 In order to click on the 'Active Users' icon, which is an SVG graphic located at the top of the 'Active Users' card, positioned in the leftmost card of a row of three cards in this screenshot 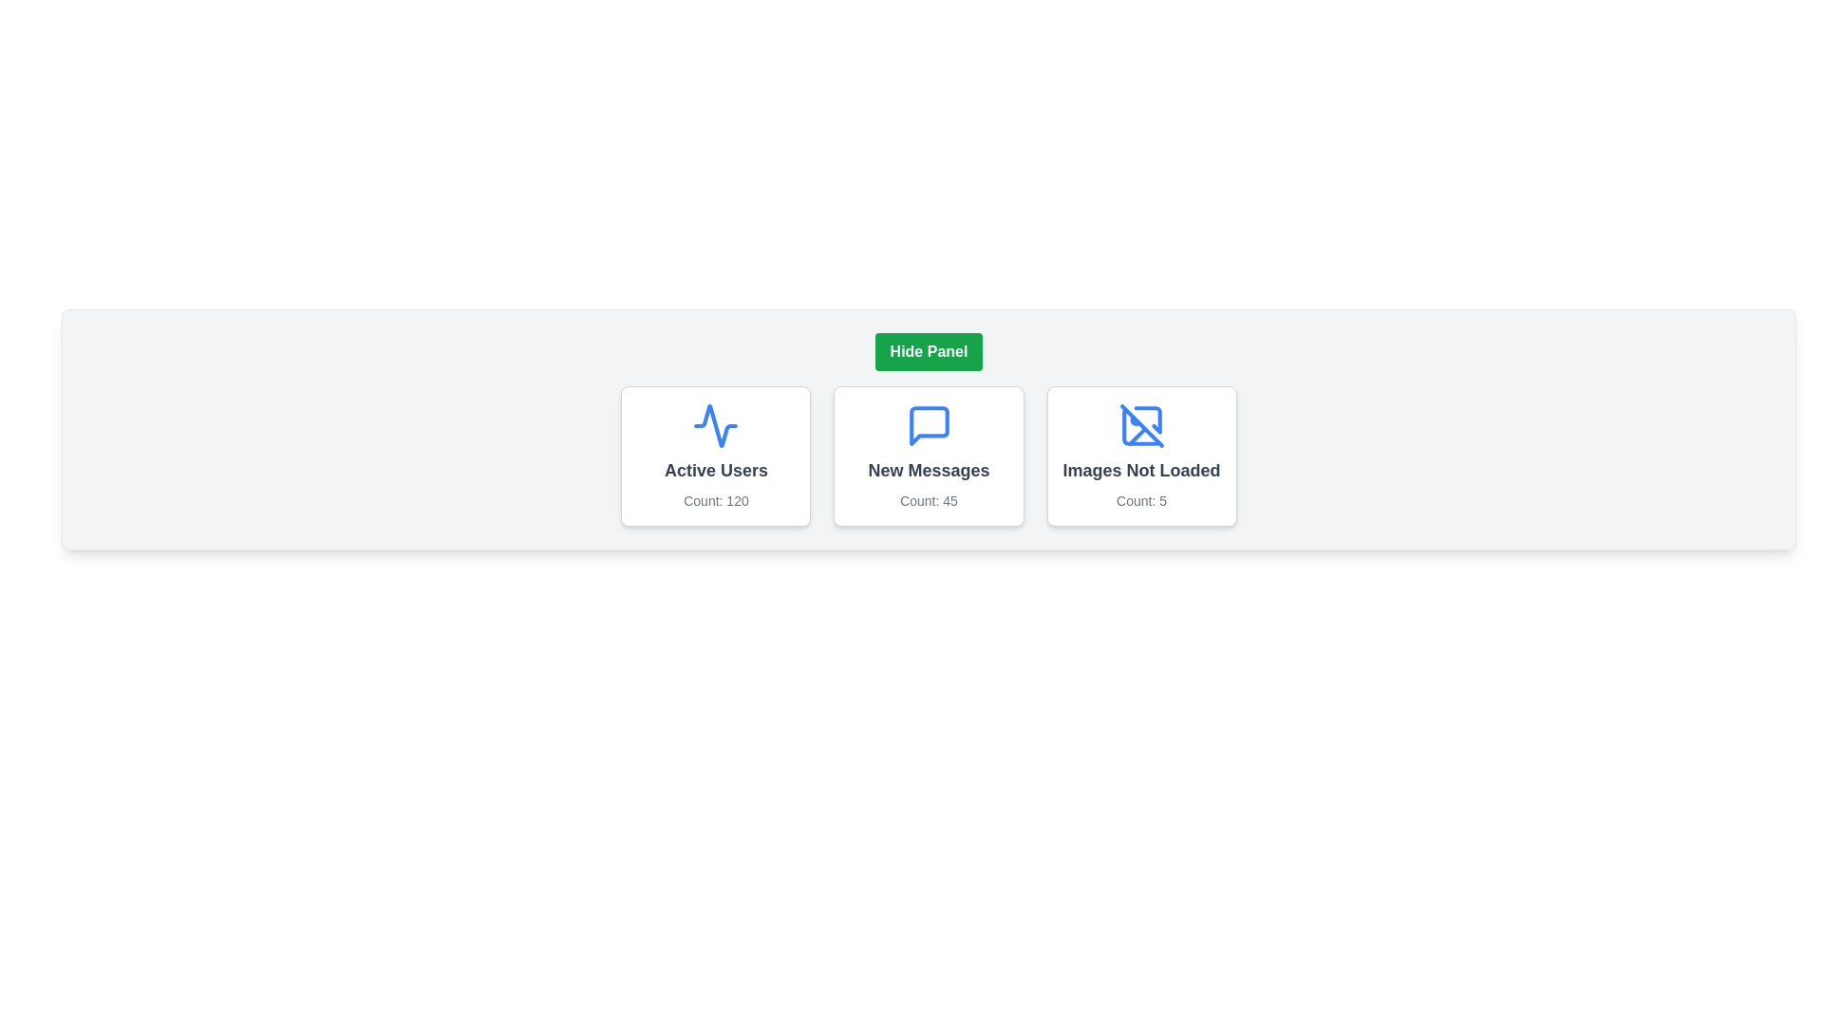, I will do `click(715, 424)`.